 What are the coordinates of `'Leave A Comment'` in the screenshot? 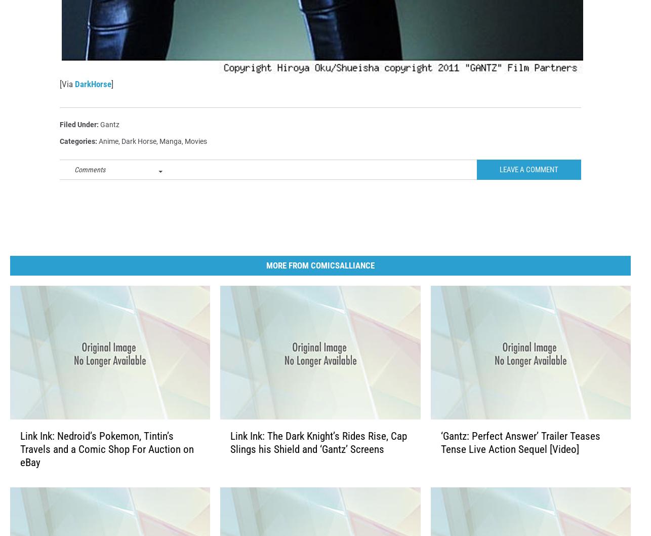 It's located at (528, 186).